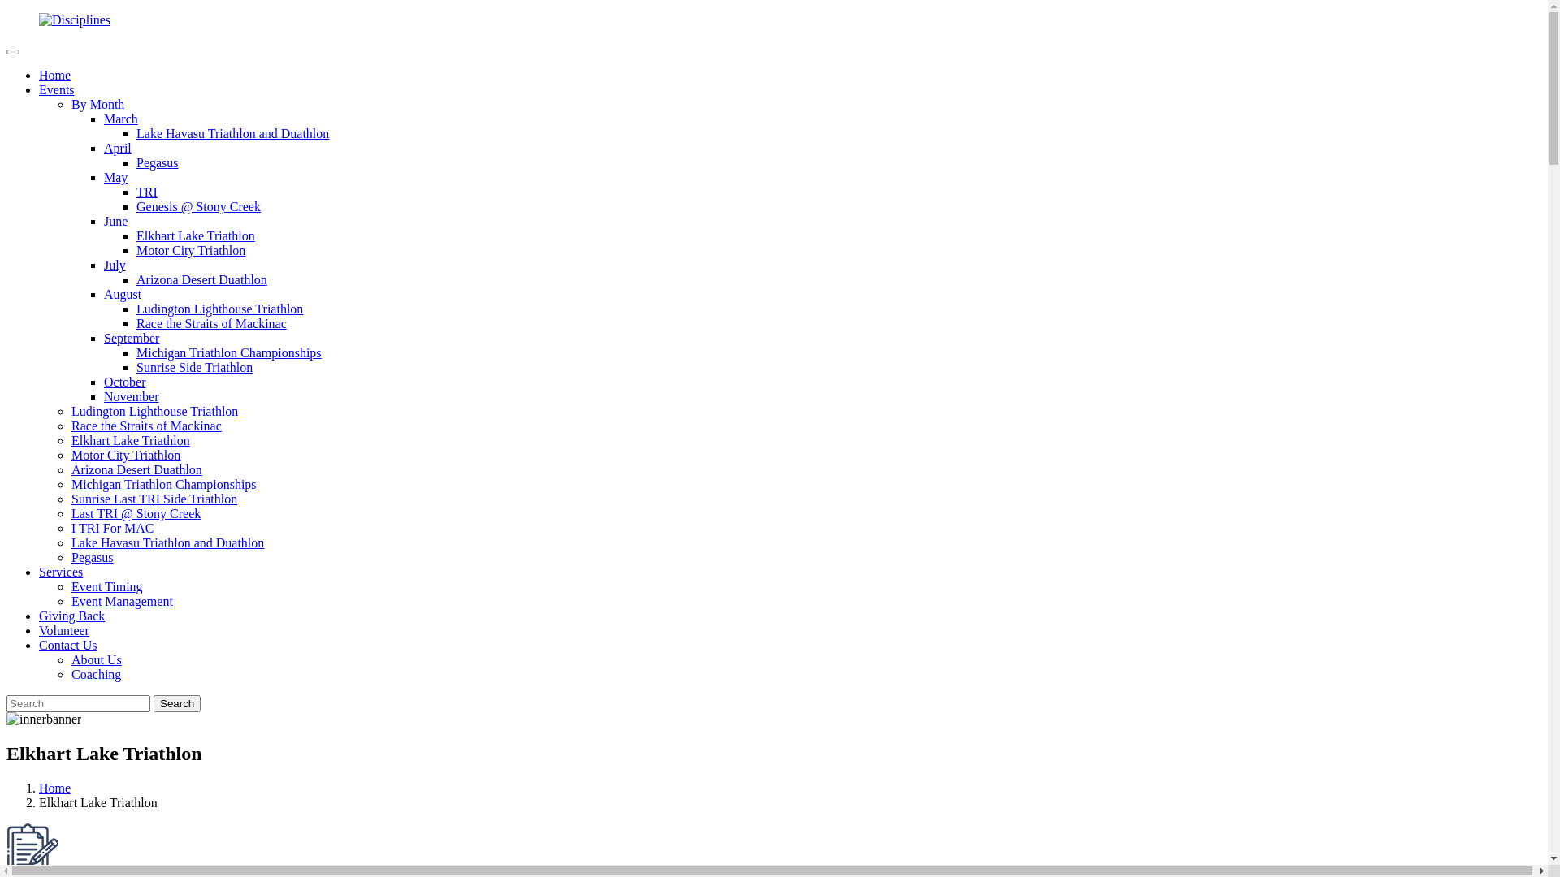 The width and height of the screenshot is (1560, 877). What do you see at coordinates (153, 702) in the screenshot?
I see `'Search'` at bounding box center [153, 702].